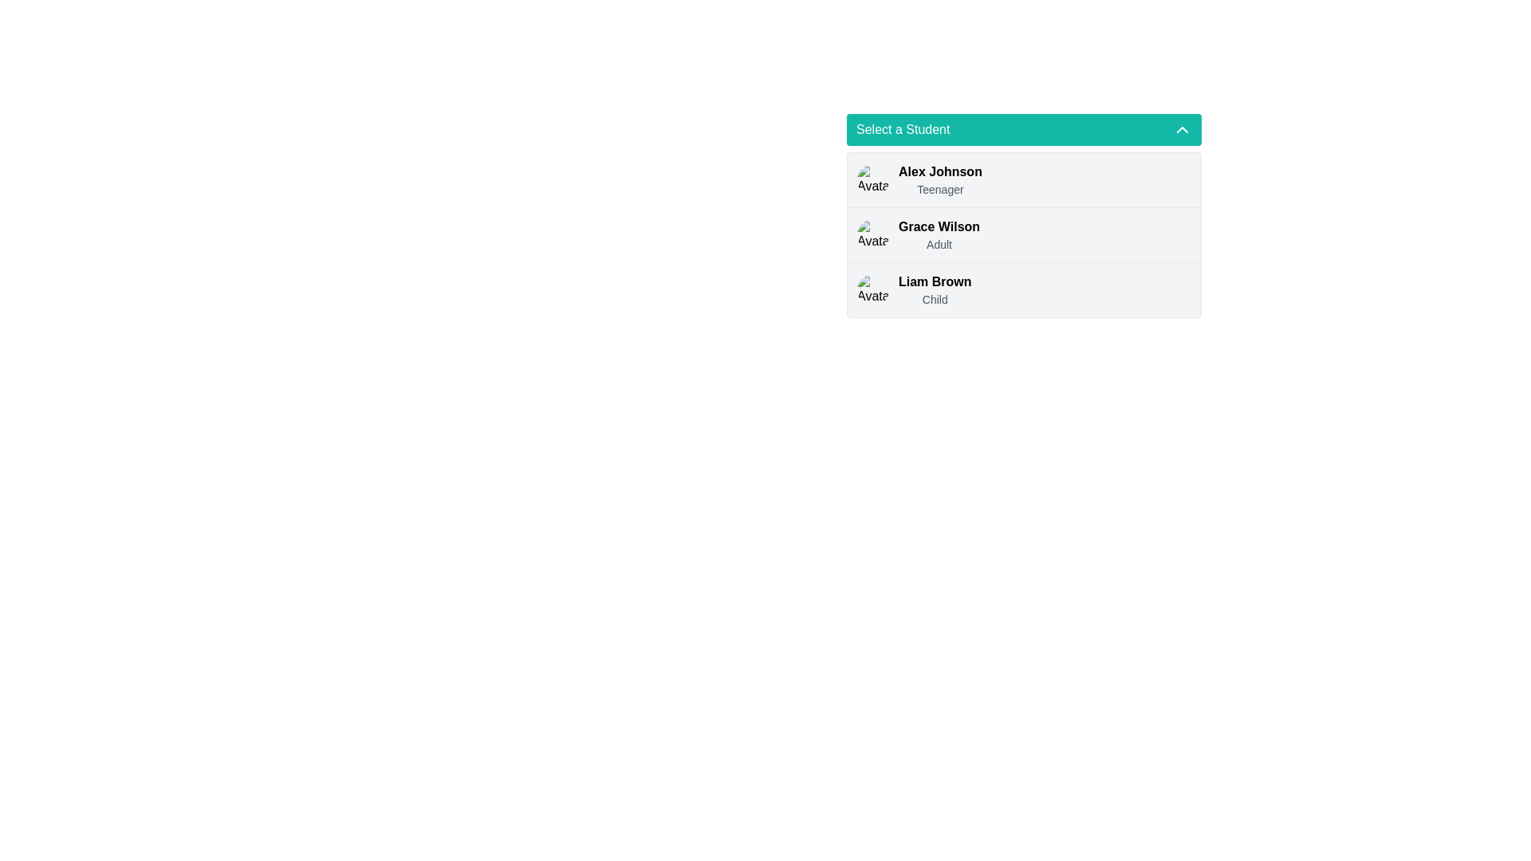  I want to click on the upward pointing arrow icon located at the far right of the teal-colored header labeled 'Select a Student', so click(1183, 128).